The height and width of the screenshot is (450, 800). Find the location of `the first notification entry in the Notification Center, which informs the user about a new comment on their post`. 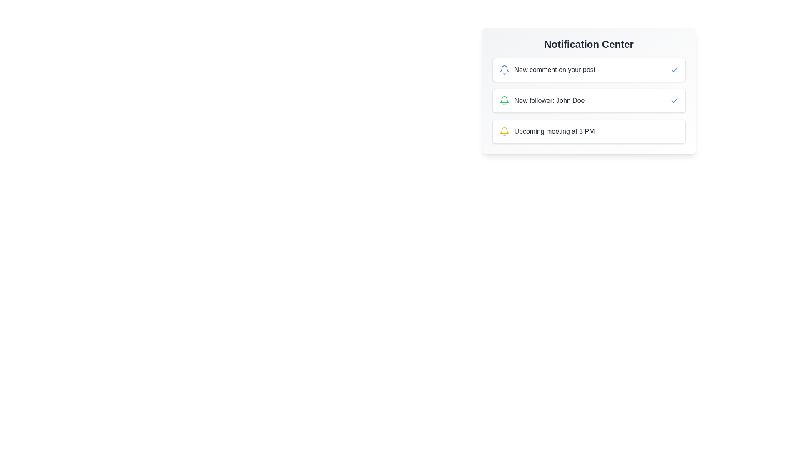

the first notification entry in the Notification Center, which informs the user about a new comment on their post is located at coordinates (547, 70).